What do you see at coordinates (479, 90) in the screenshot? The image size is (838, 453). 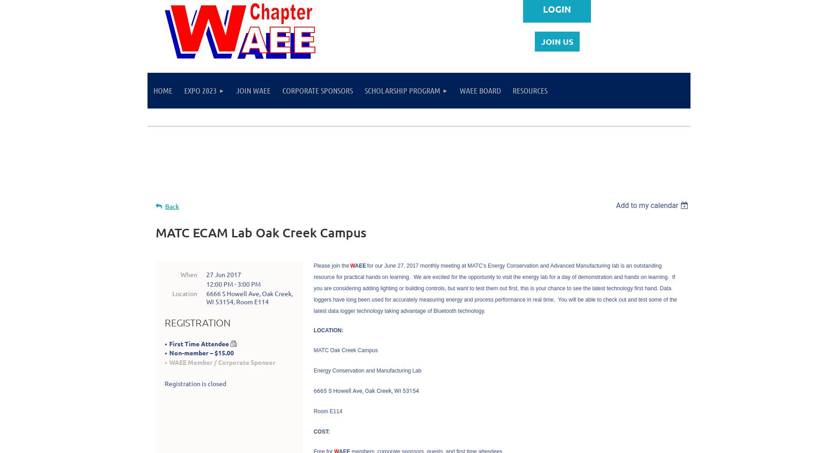 I see `'WAEE Board'` at bounding box center [479, 90].